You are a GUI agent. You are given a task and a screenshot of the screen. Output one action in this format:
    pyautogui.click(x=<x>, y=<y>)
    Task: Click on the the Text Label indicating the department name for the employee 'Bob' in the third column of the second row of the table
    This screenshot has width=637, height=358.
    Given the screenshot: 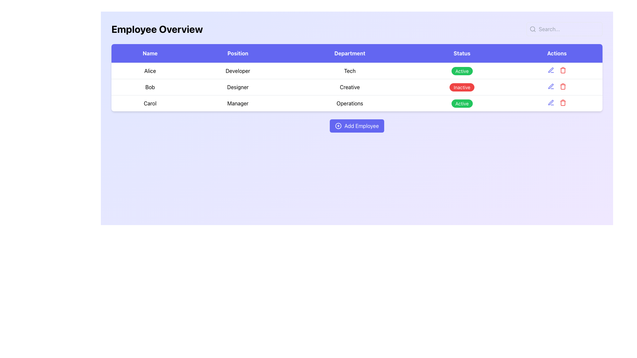 What is the action you would take?
    pyautogui.click(x=349, y=87)
    